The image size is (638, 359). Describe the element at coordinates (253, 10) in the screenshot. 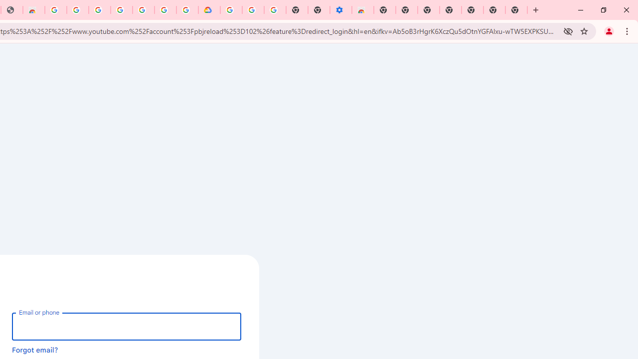

I see `'Google Account Help'` at that location.